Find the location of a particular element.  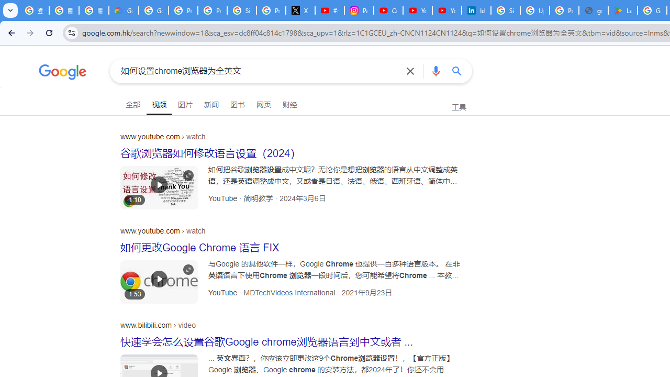

'X' is located at coordinates (300, 10).